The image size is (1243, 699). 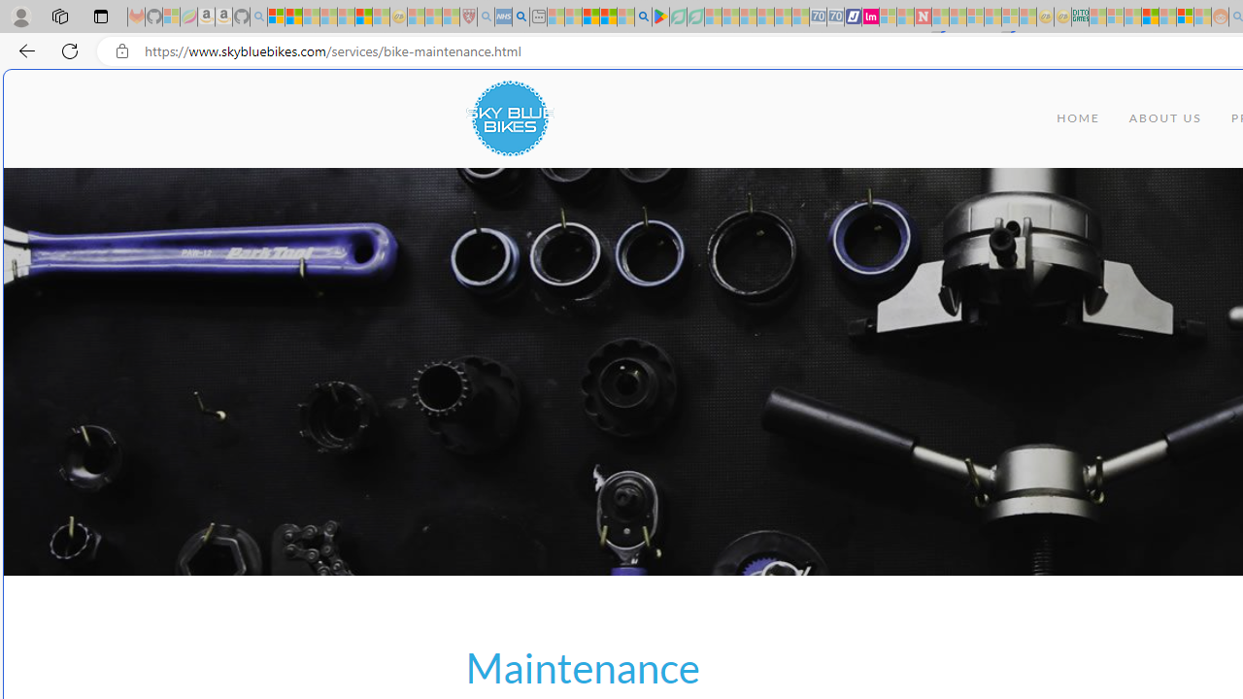 I want to click on 'Expert Portfolios', so click(x=1150, y=17).